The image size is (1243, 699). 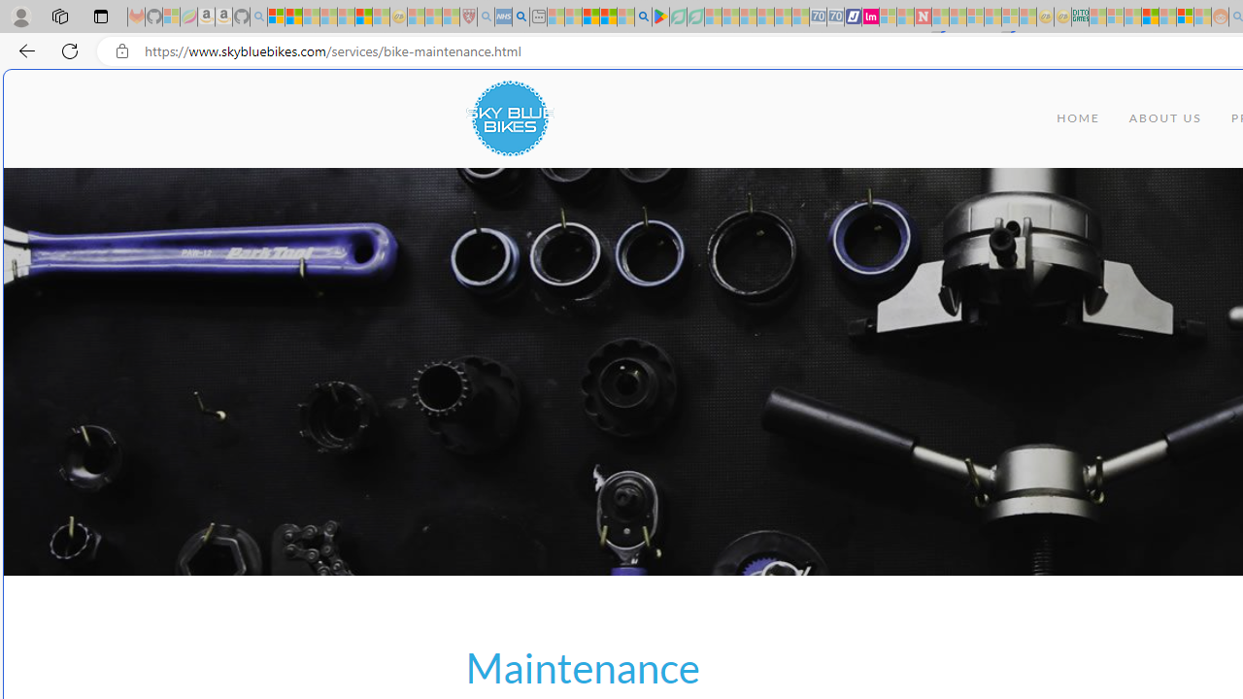 I want to click on 'Expert Portfolios', so click(x=1150, y=17).